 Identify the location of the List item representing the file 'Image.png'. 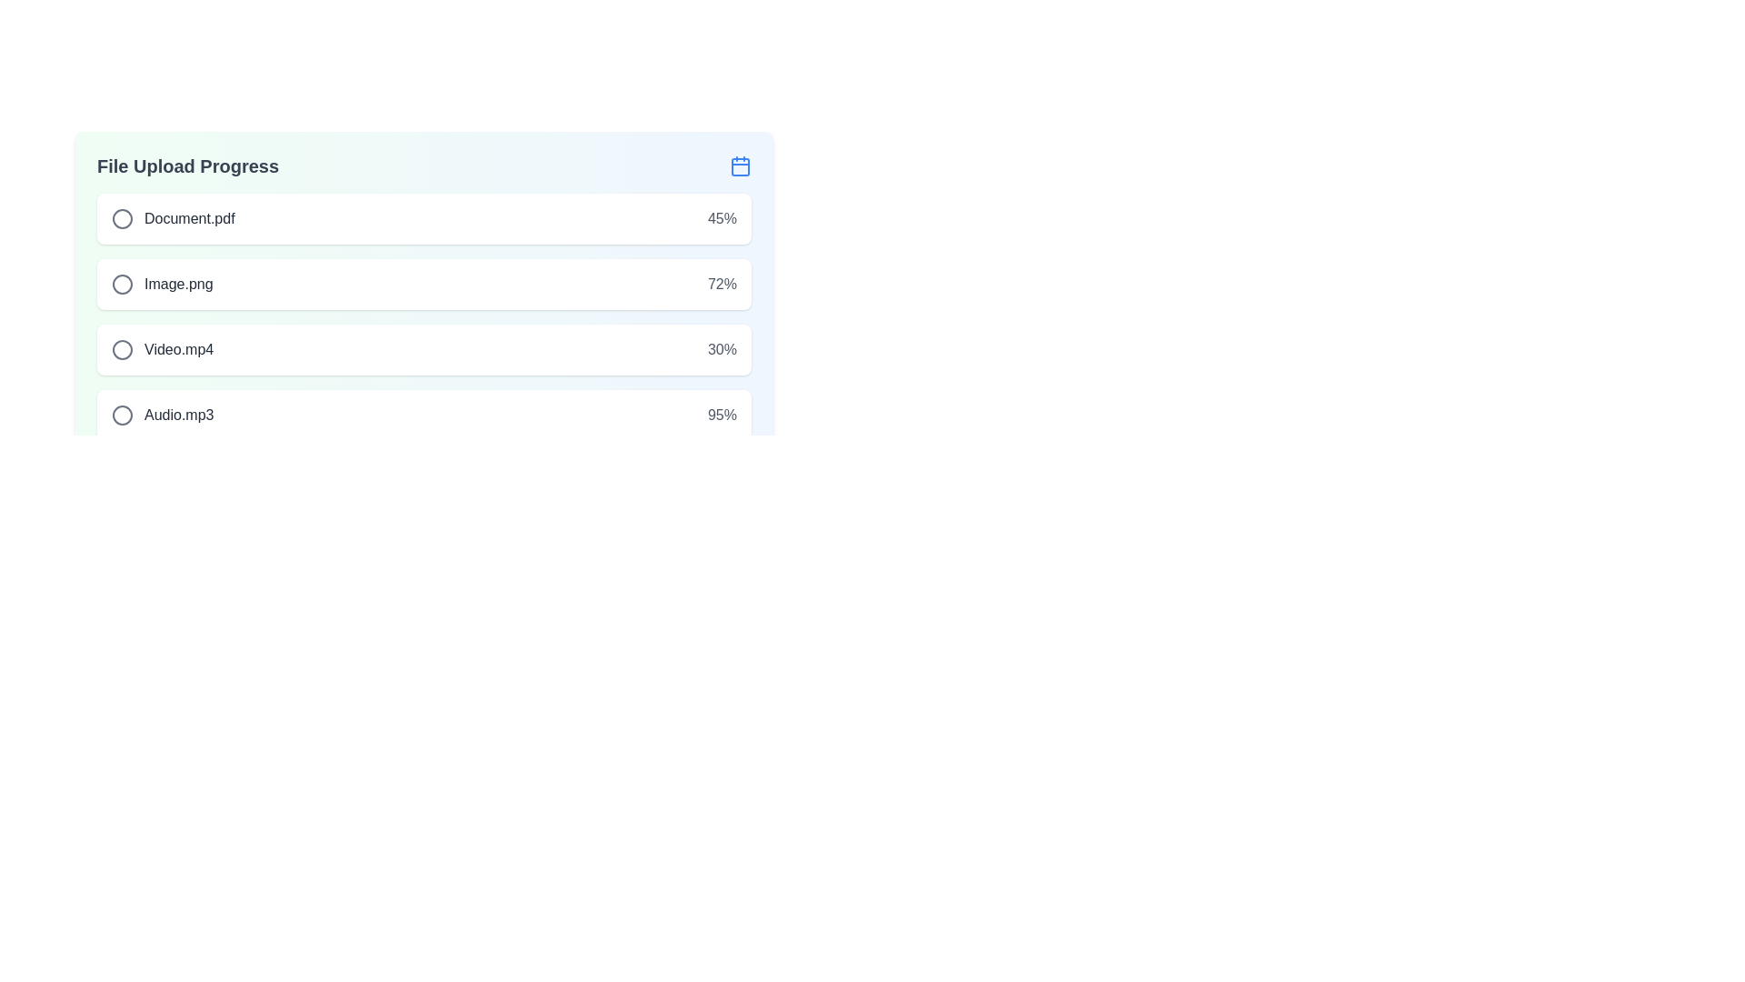
(162, 284).